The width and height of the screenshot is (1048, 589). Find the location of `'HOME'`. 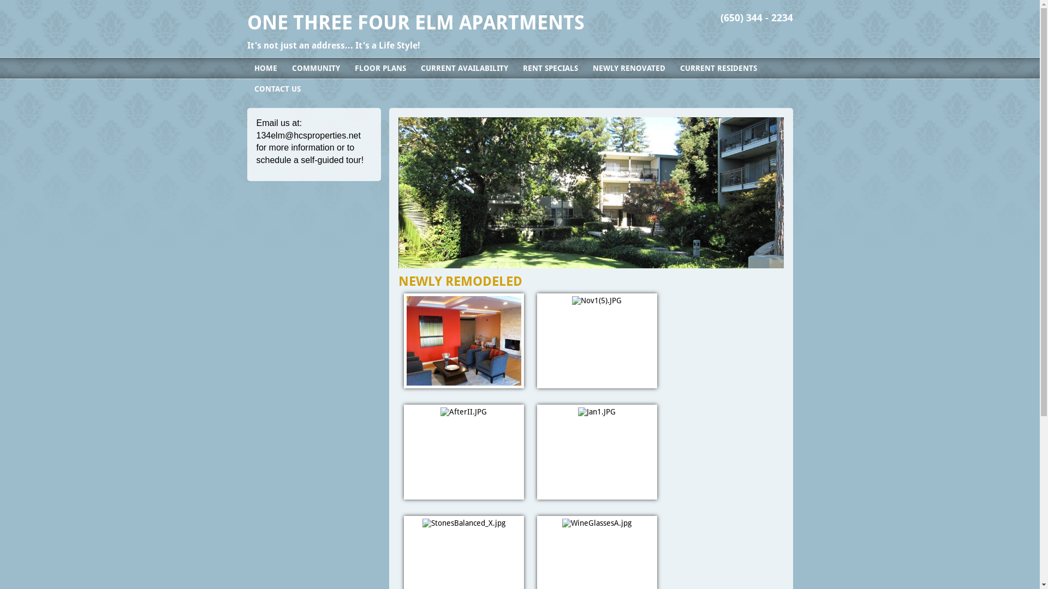

'HOME' is located at coordinates (246, 68).